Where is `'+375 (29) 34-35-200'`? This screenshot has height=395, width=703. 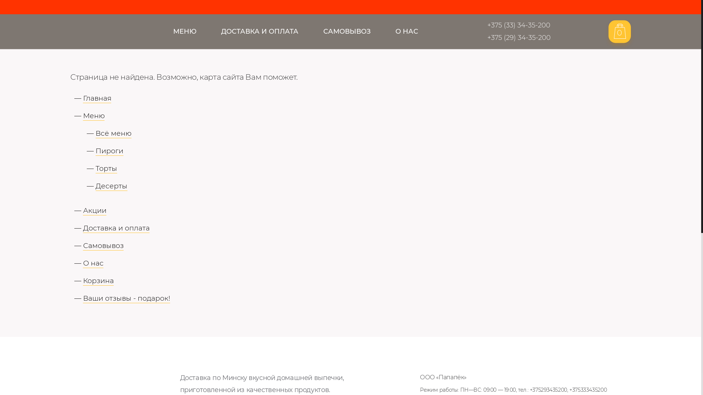
'+375 (29) 34-35-200' is located at coordinates (513, 38).